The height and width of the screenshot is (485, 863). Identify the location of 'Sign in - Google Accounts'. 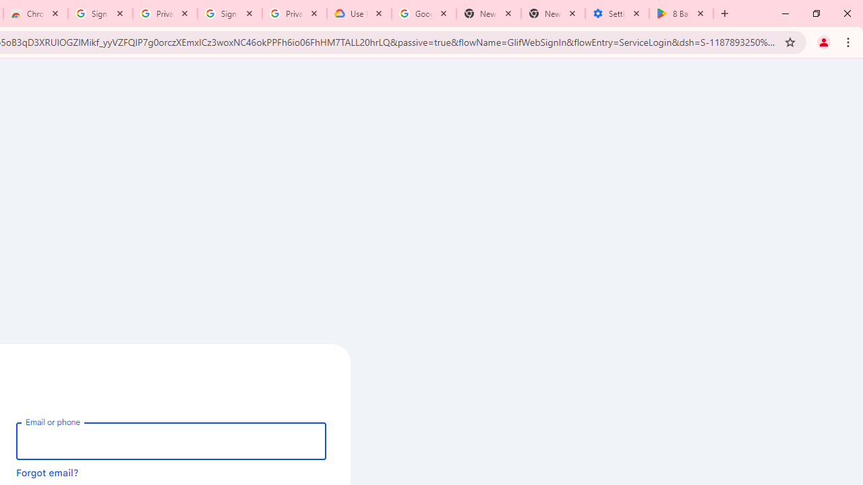
(100, 13).